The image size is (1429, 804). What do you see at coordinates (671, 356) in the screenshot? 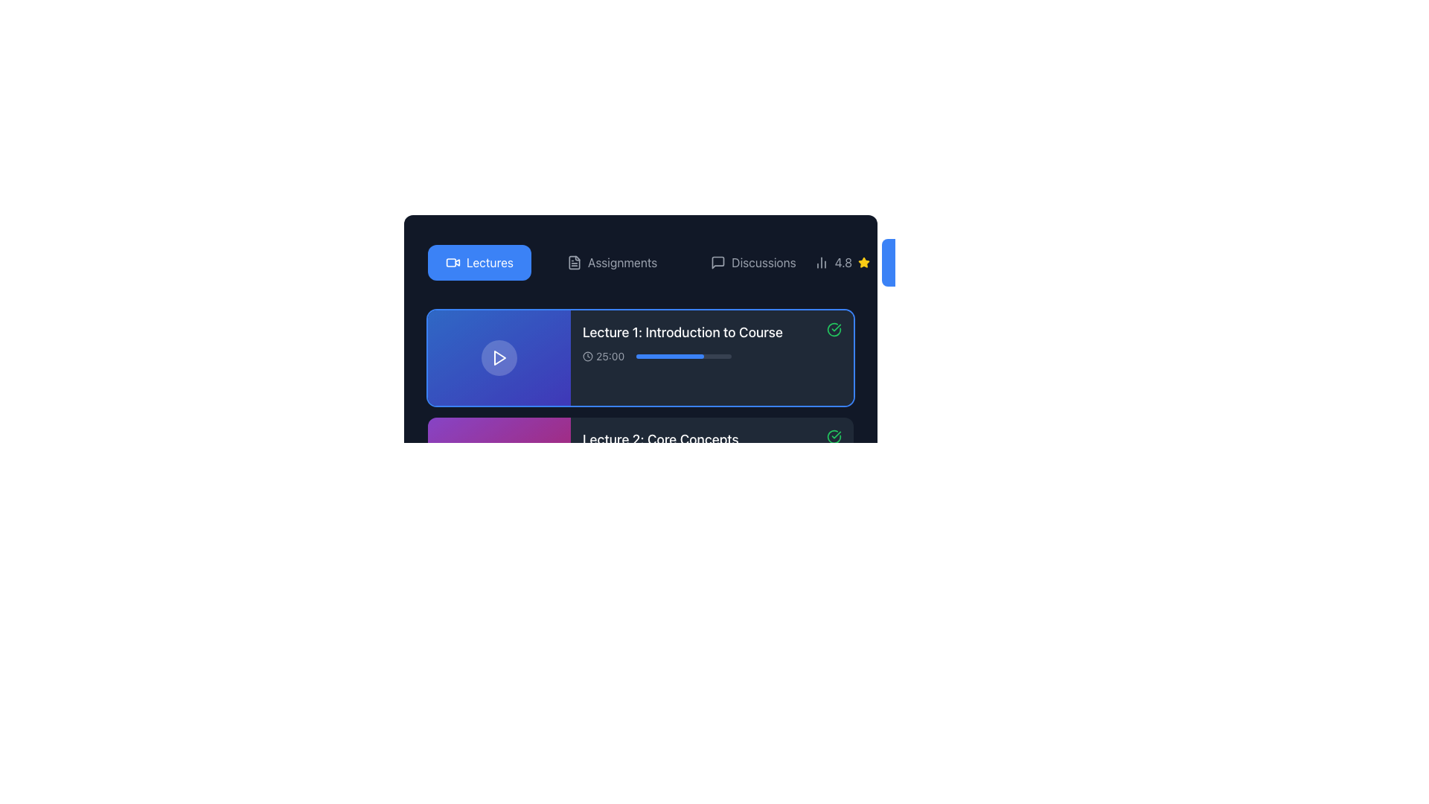
I see `the slider` at bounding box center [671, 356].